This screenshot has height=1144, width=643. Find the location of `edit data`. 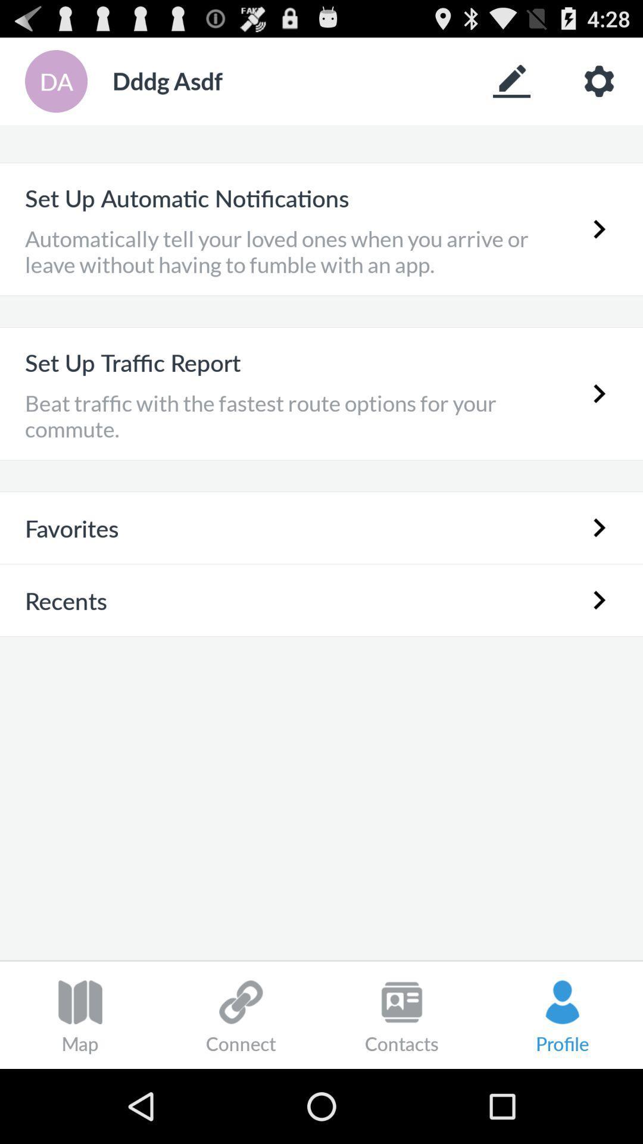

edit data is located at coordinates (511, 80).